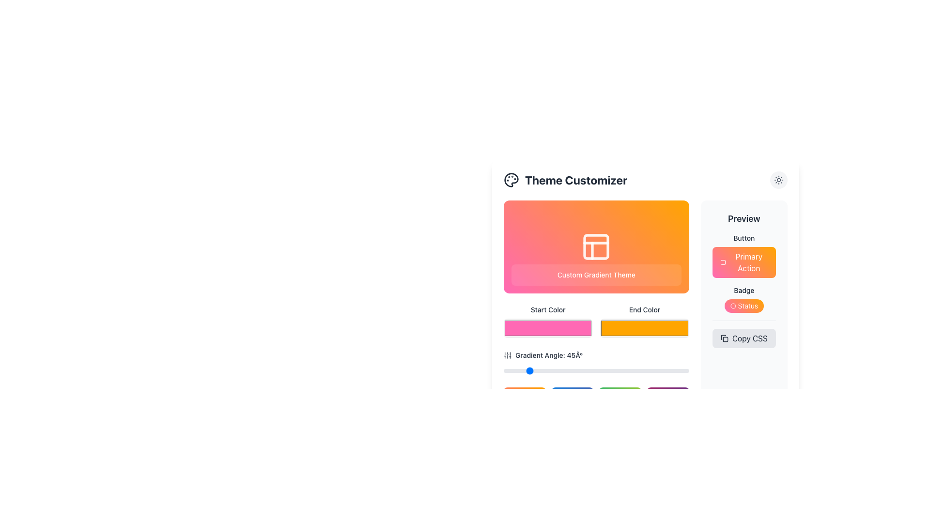 This screenshot has width=930, height=523. Describe the element at coordinates (596, 275) in the screenshot. I see `the text label indicating the theme being customized in the 'Theme Customizer' section, located in the lower-middle of the gradient box` at that location.